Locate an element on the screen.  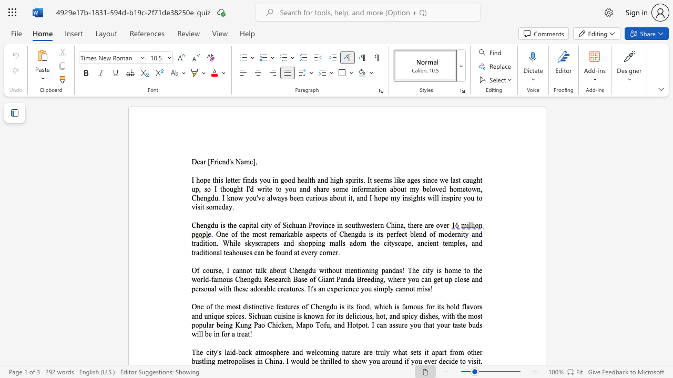
the space between the continuous character "]" and "," in the text is located at coordinates (255, 162).